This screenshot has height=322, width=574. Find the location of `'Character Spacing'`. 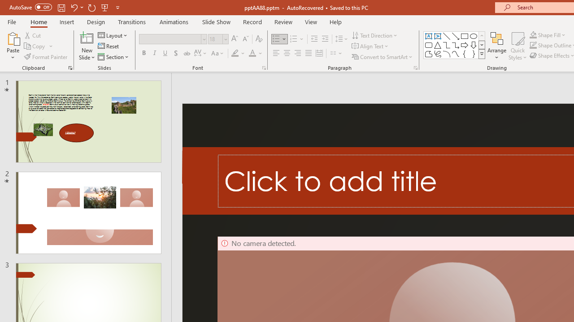

'Character Spacing' is located at coordinates (200, 53).